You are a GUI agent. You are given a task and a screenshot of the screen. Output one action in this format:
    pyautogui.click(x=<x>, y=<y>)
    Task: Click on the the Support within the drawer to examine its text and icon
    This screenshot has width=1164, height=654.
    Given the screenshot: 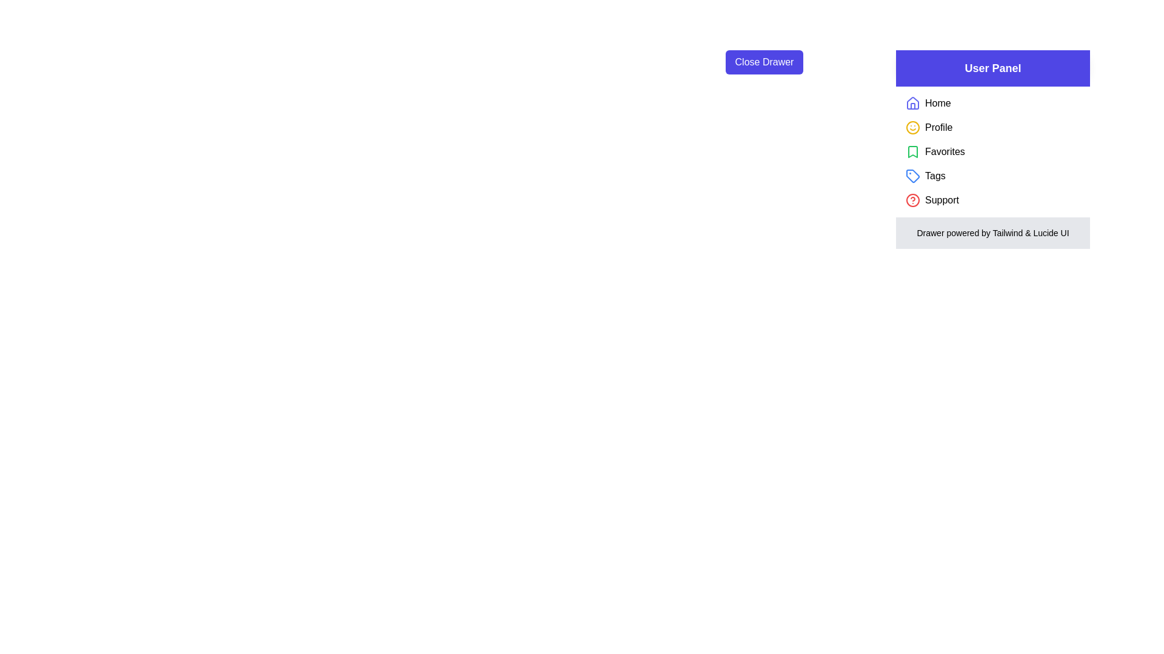 What is the action you would take?
    pyautogui.click(x=913, y=200)
    